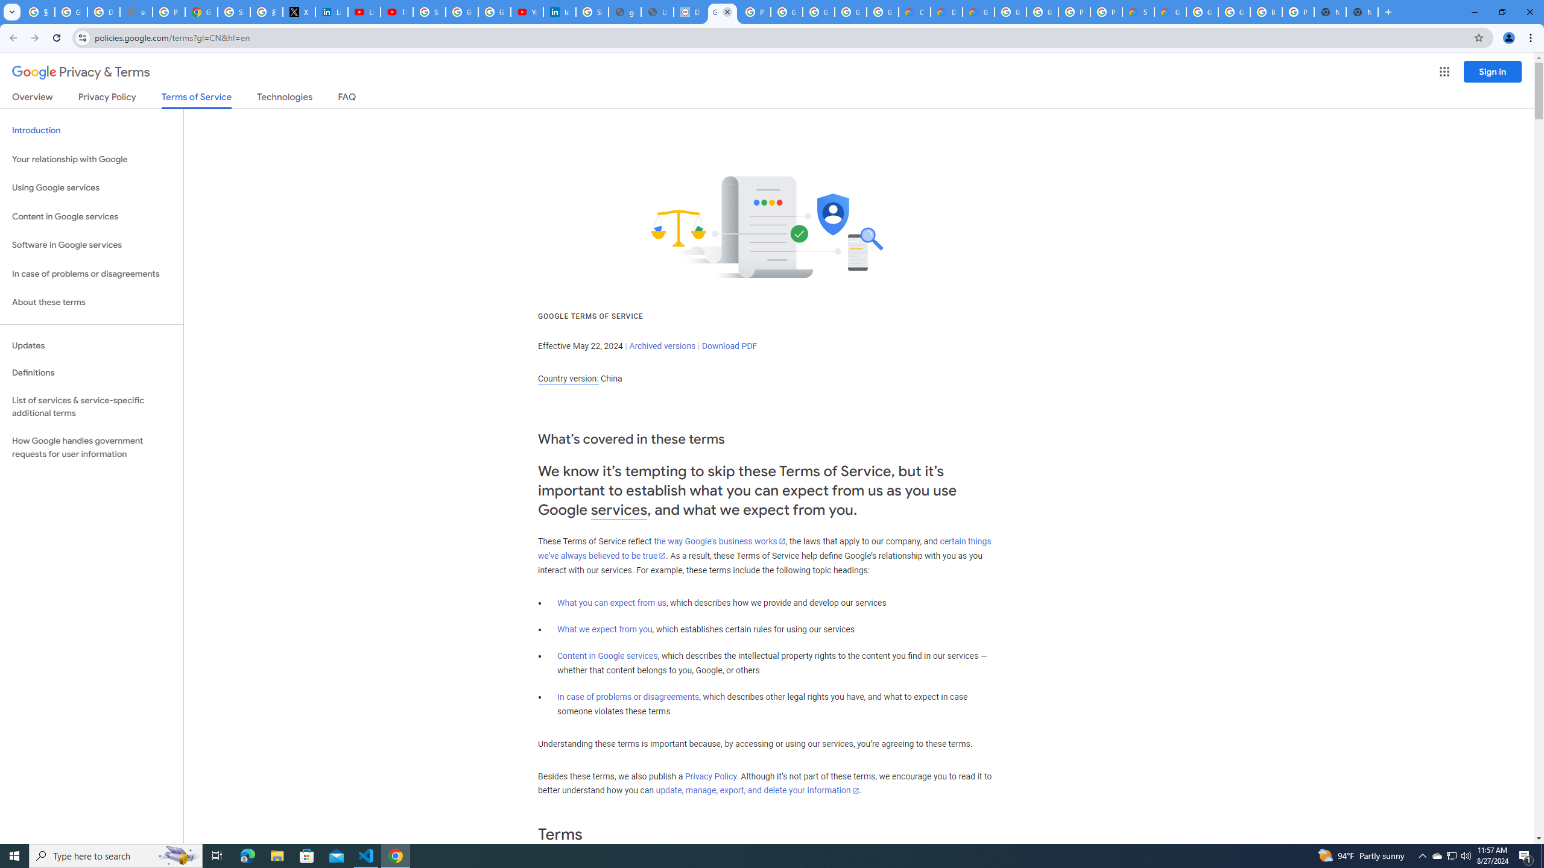 This screenshot has height=868, width=1544. Describe the element at coordinates (1010, 11) in the screenshot. I see `'Google Cloud Platform'` at that location.